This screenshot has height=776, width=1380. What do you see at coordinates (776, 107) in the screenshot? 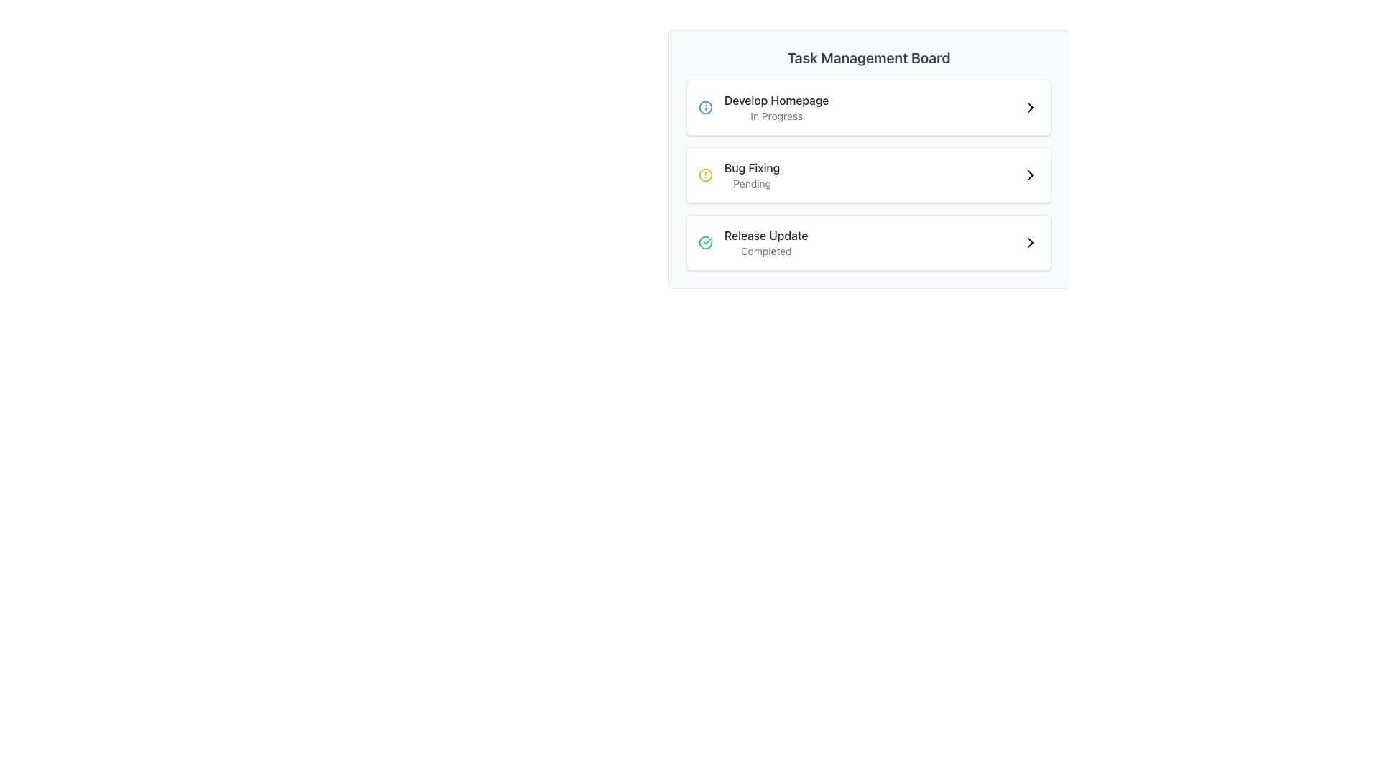
I see `the first task's title and status displayed at the top of the task management board in the task management application` at bounding box center [776, 107].